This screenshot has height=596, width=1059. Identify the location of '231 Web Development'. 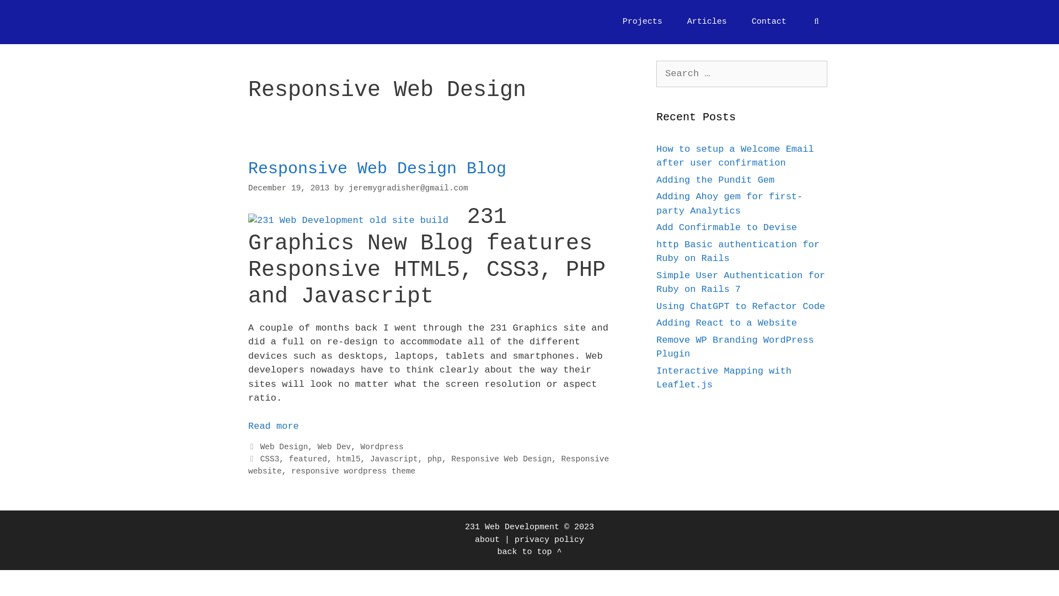
(511, 526).